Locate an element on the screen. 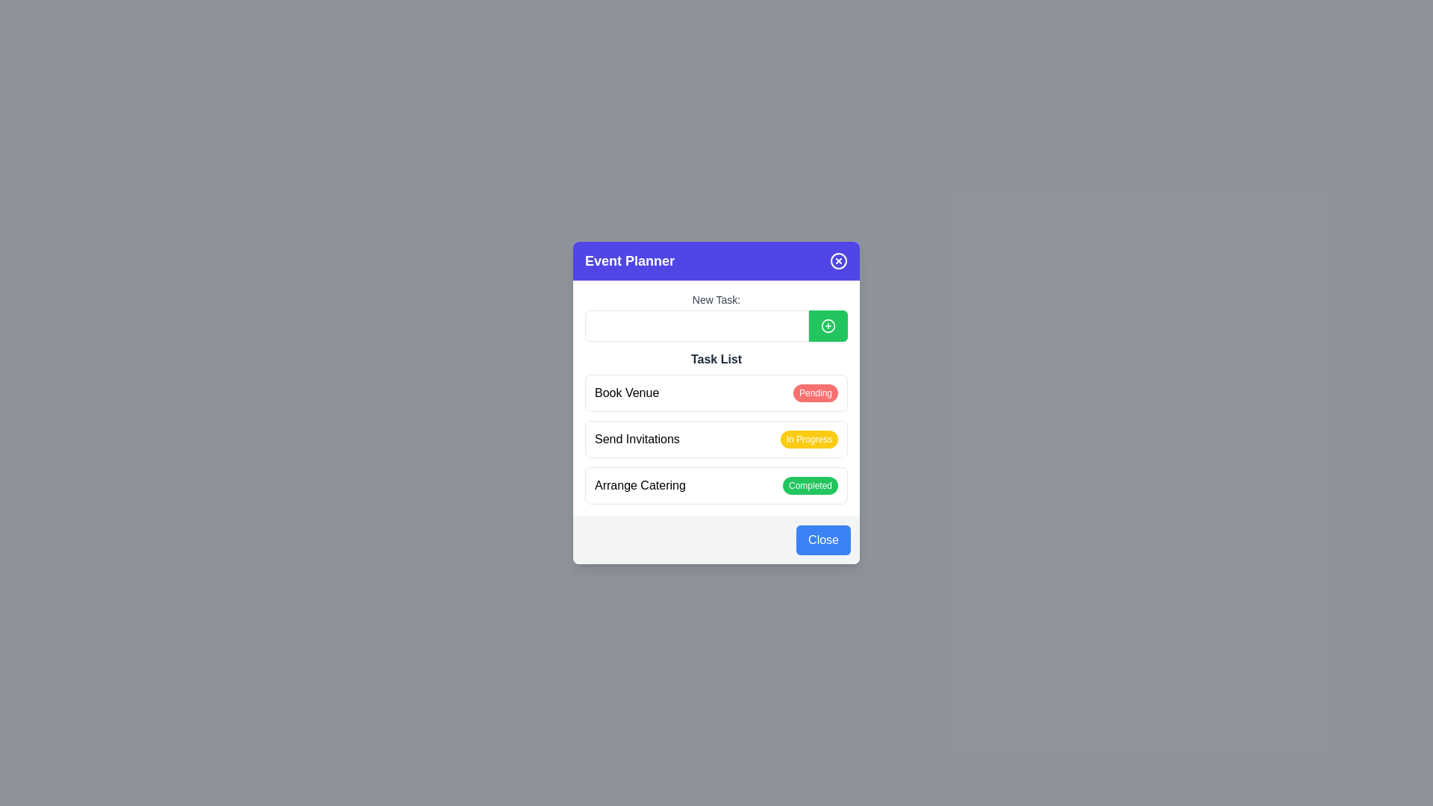 The width and height of the screenshot is (1433, 806). text from the label that displays 'Task List', which is styled in bold and dark gray, located below the 'New Task' section in the task management dialog is located at coordinates (716, 360).